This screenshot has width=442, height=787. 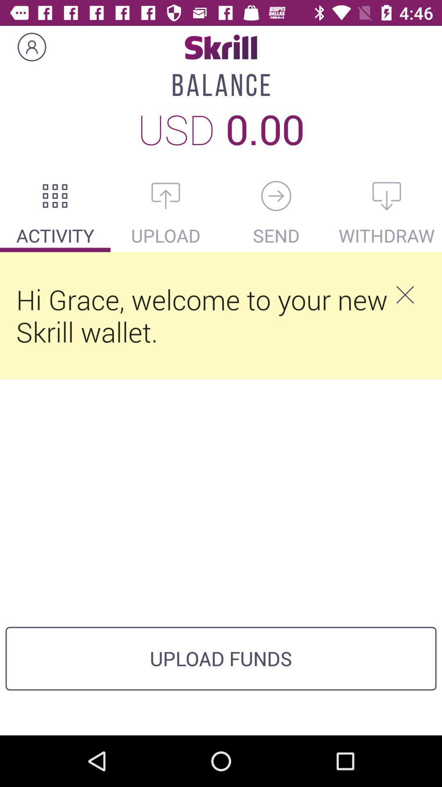 What do you see at coordinates (276, 196) in the screenshot?
I see `send funds` at bounding box center [276, 196].